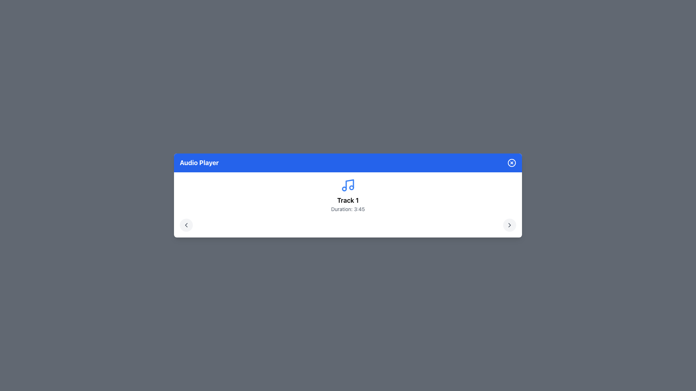 The width and height of the screenshot is (696, 391). I want to click on the decorative circle with a blue outline and white interior, located within the close button icon in the top-right corner of the blue header bar of the audio player interface, so click(511, 163).